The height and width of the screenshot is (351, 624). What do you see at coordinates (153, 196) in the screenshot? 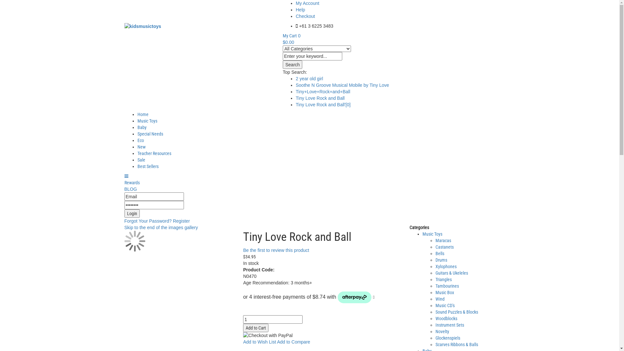
I see `'Email'` at bounding box center [153, 196].